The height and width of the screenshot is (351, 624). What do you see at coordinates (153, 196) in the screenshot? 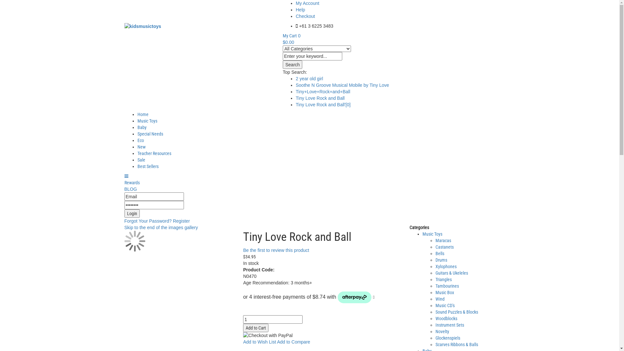
I see `'Email'` at bounding box center [153, 196].